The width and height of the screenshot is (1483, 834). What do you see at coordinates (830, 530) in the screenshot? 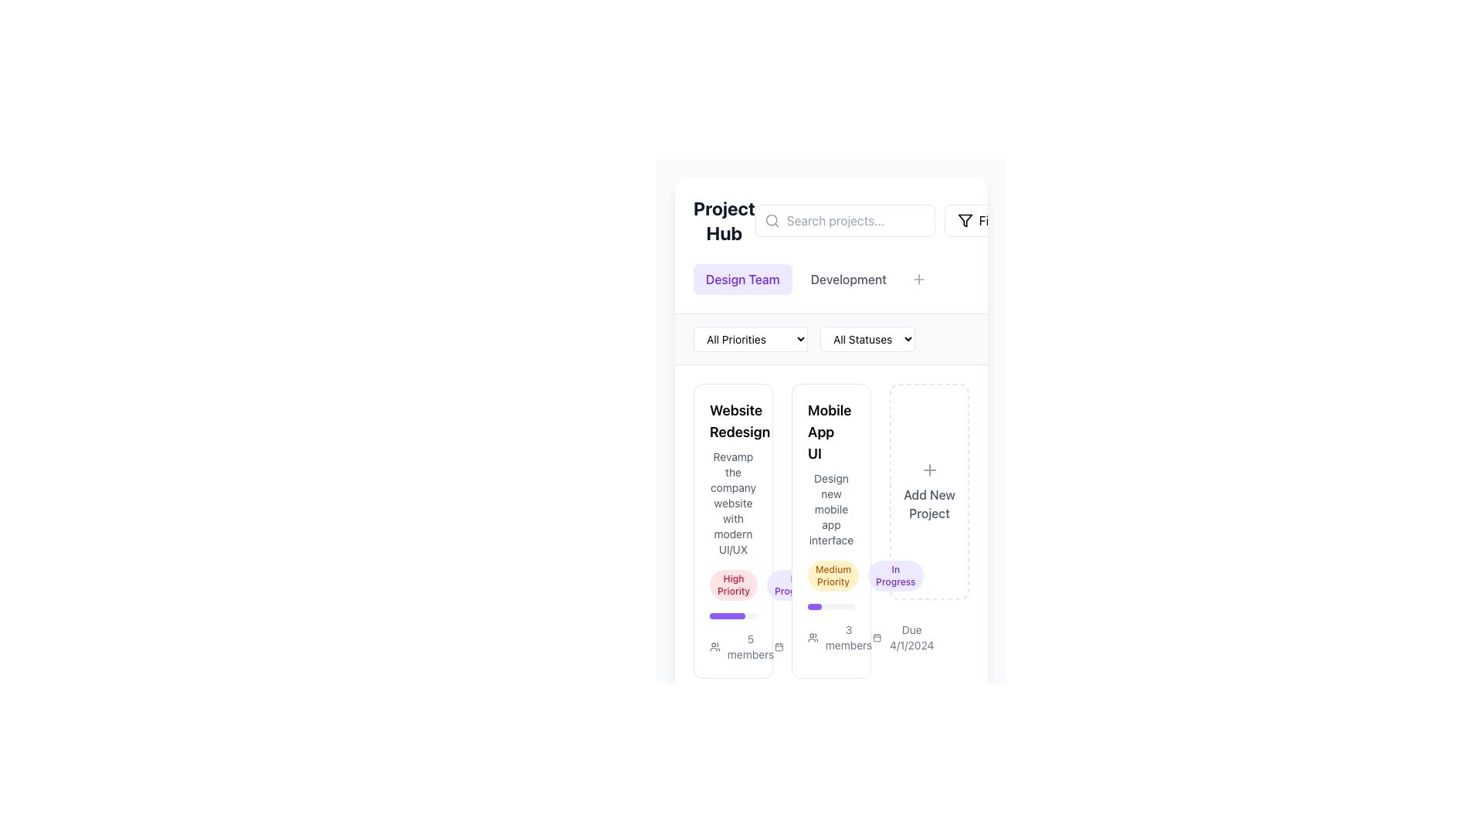
I see `the second project information card in the grid layout` at bounding box center [830, 530].